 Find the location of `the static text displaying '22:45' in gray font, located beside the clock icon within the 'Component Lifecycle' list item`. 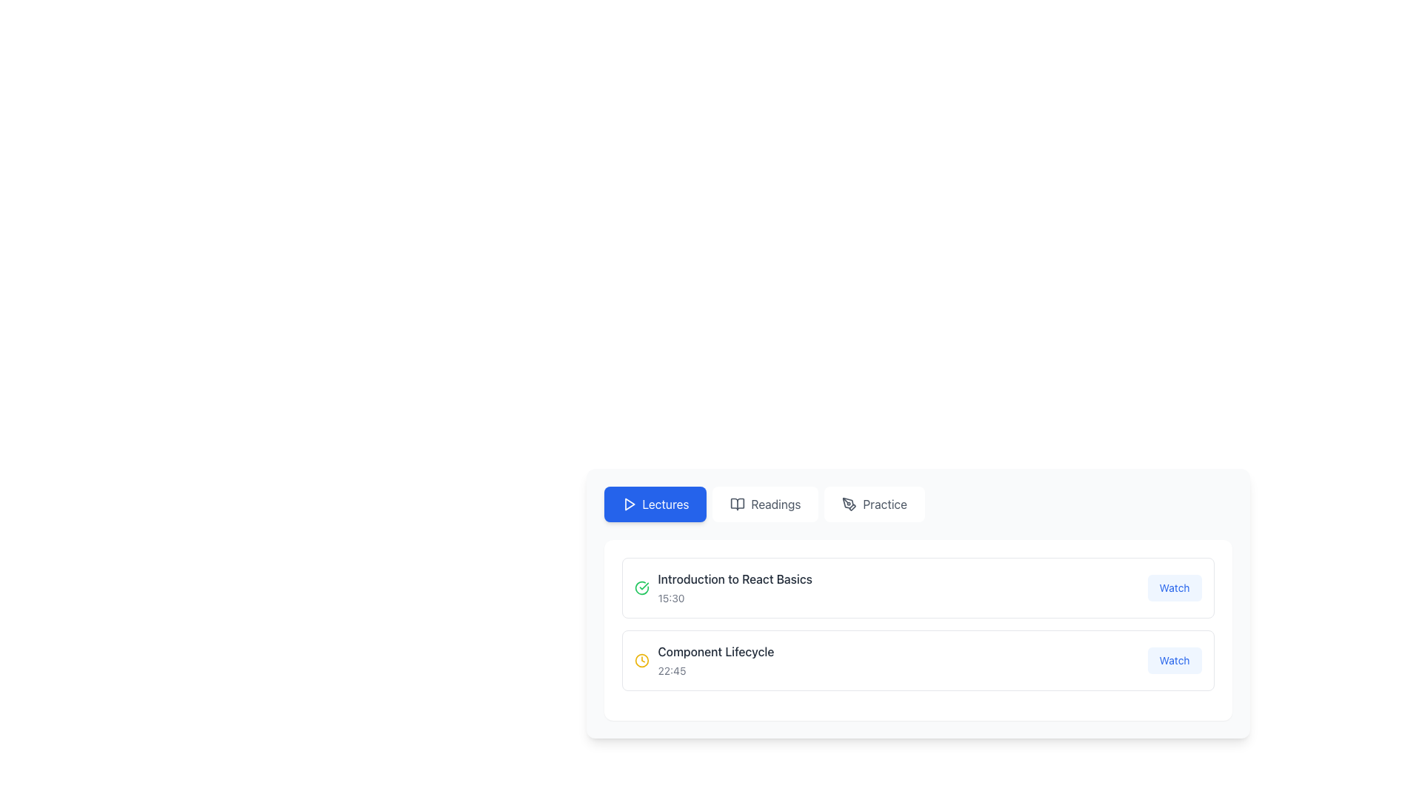

the static text displaying '22:45' in gray font, located beside the clock icon within the 'Component Lifecycle' list item is located at coordinates (671, 671).